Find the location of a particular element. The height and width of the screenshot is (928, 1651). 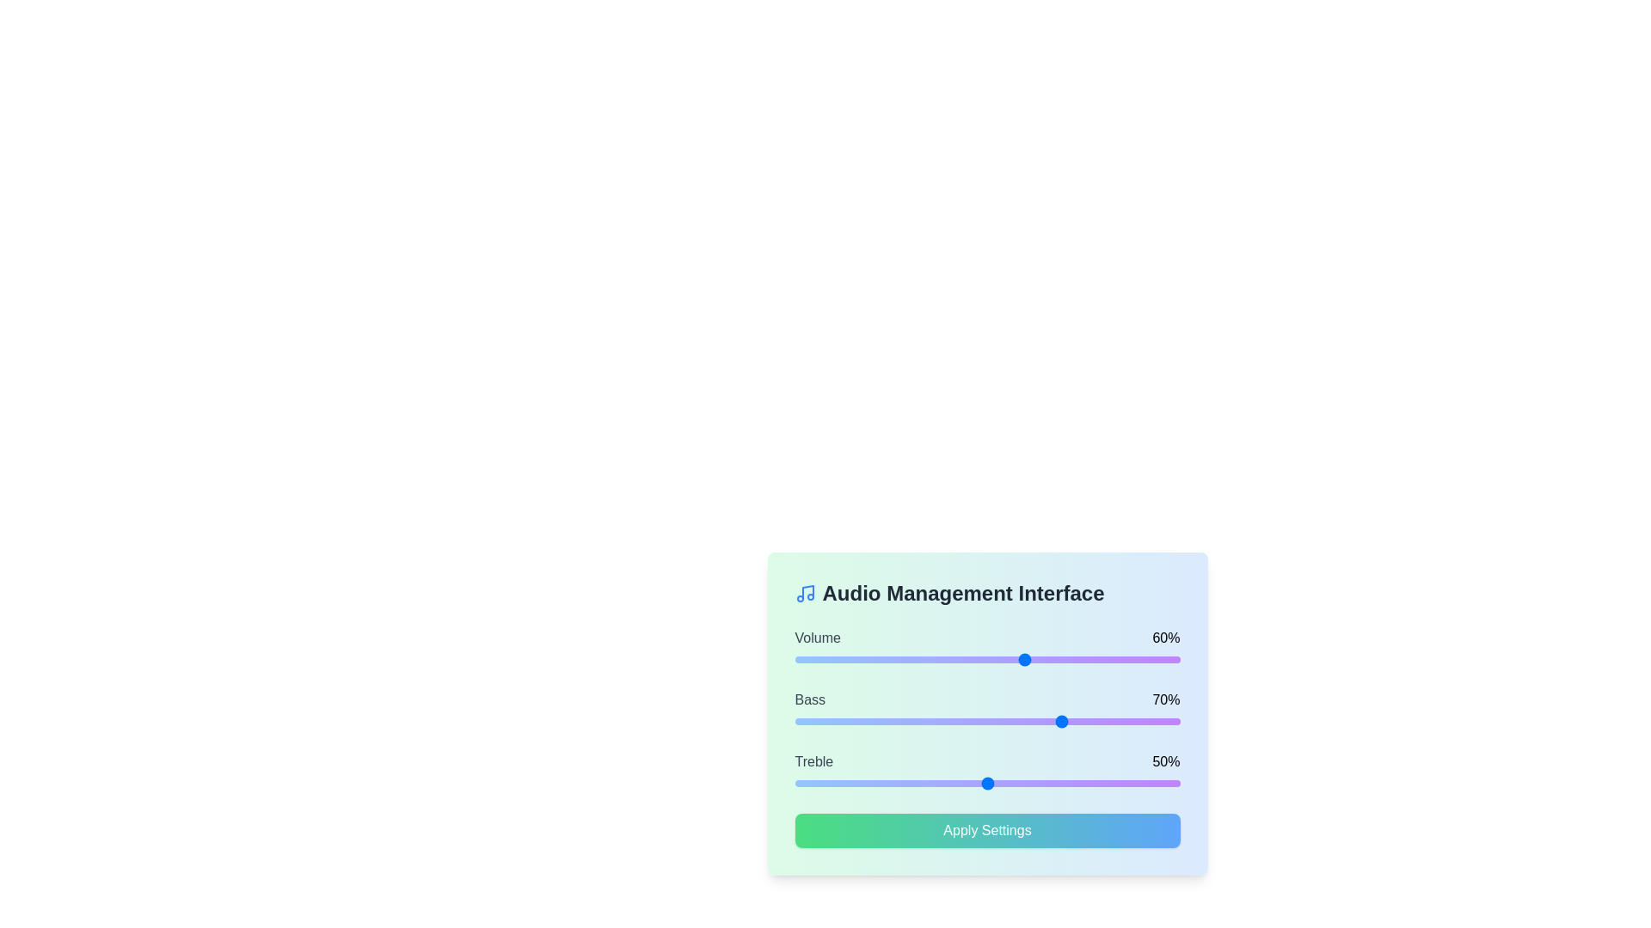

value displayed in the text label that shows '50%' within the settings panel, aligned to the right of the 'Treble' slider is located at coordinates (1166, 761).